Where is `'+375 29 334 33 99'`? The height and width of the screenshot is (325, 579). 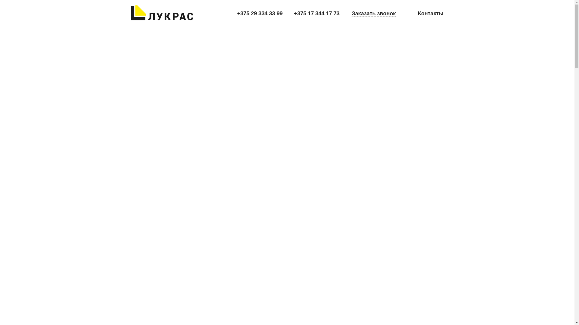
'+375 29 334 33 99' is located at coordinates (260, 14).